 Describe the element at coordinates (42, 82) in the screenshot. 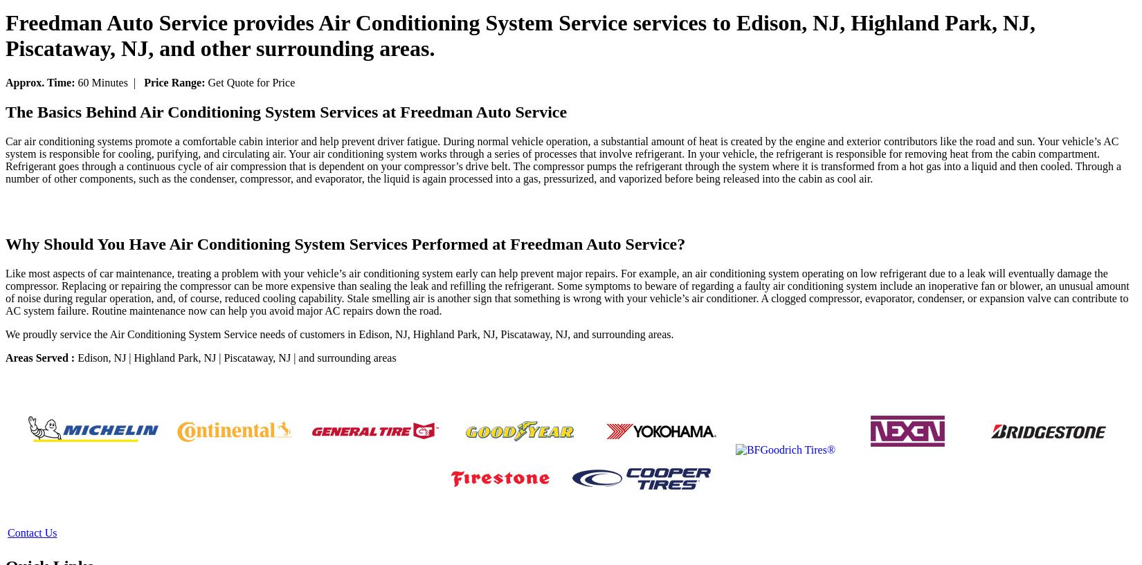

I see `'Approx. Time:'` at that location.